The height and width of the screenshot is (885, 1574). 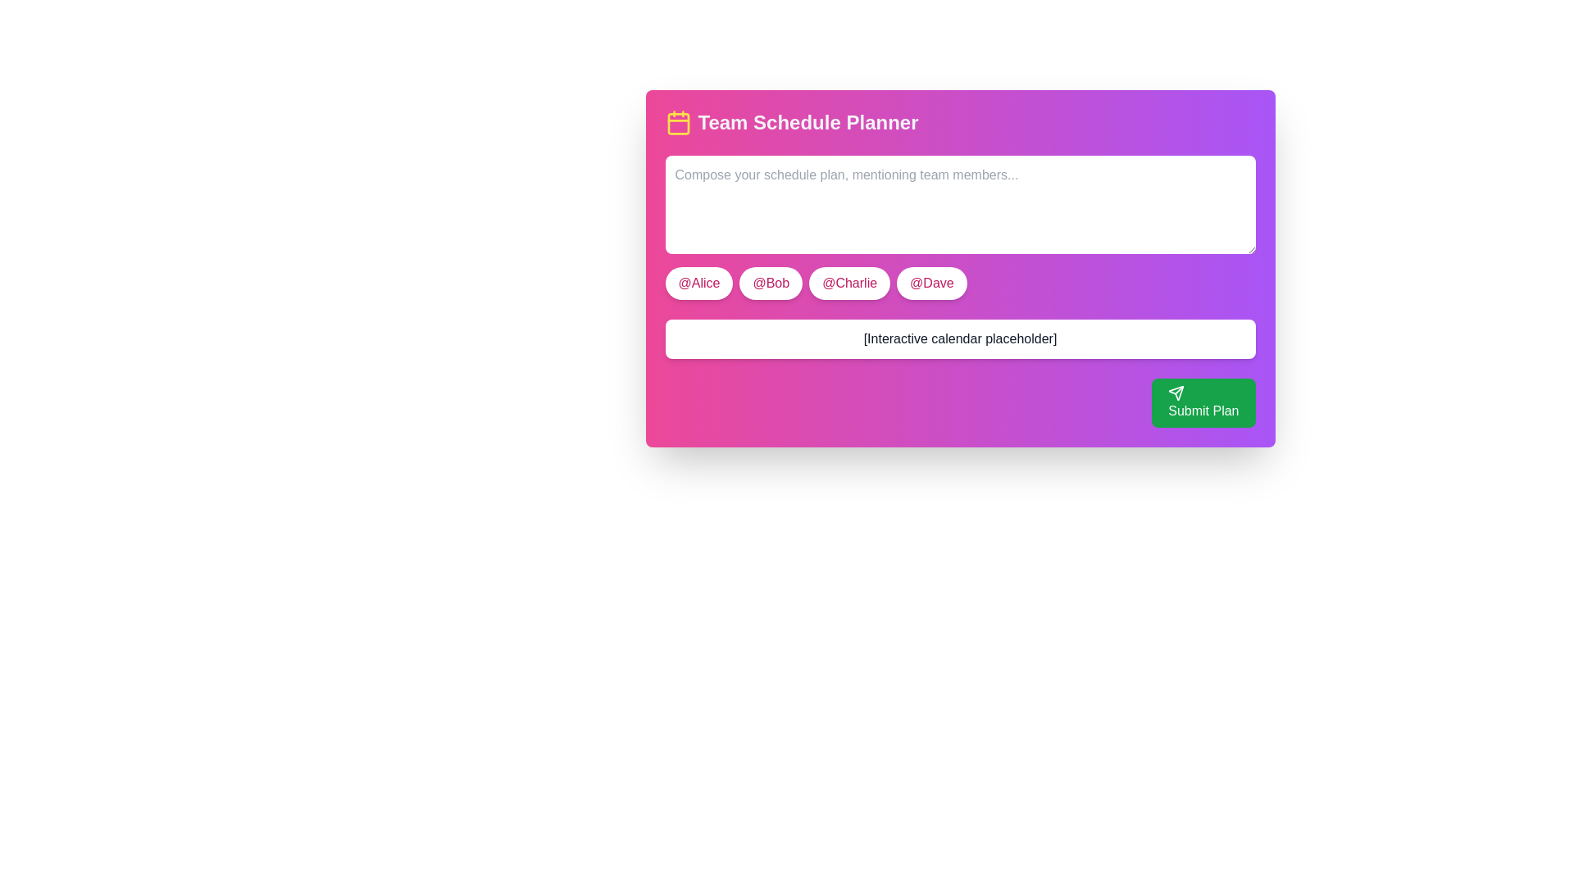 What do you see at coordinates (807, 122) in the screenshot?
I see `the title text element located in the top-left section of the pink-purple gradient card, which is right-aligned to the yellow calendar icon` at bounding box center [807, 122].